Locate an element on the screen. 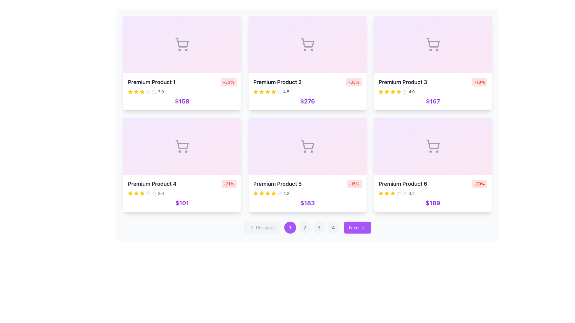 This screenshot has width=575, height=323. the static text displaying '3.6' that is located immediately after a series of six star icons in the product rating section of the card for 'Premium Product 4' is located at coordinates (161, 194).